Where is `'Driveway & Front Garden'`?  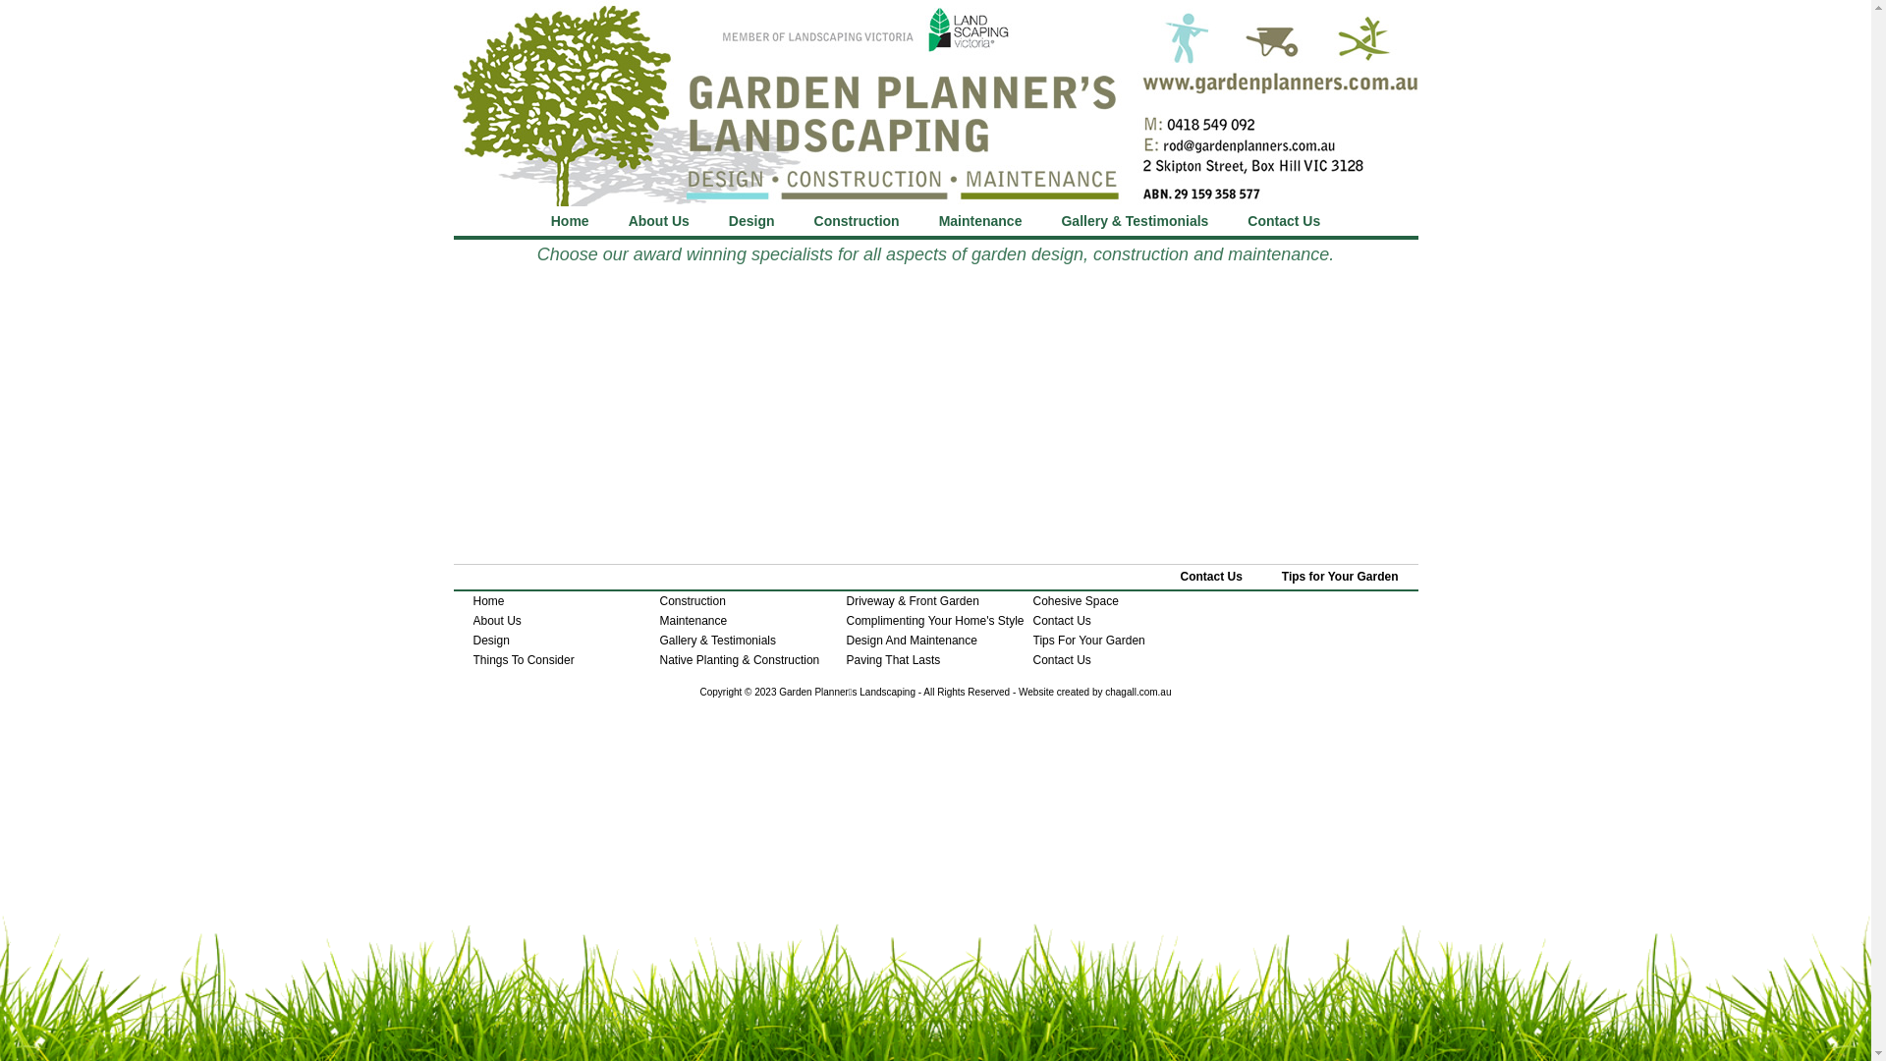 'Driveway & Front Garden' is located at coordinates (912, 600).